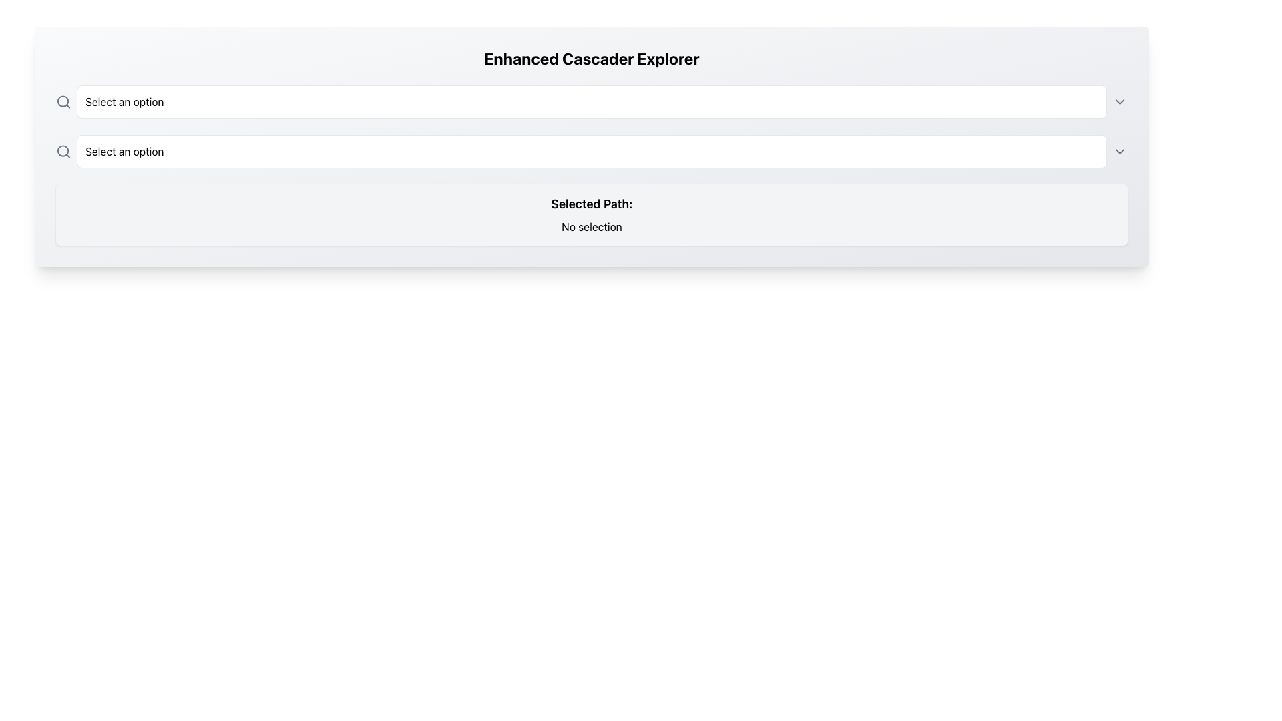  Describe the element at coordinates (1120, 151) in the screenshot. I see `the icon at the far right of the second input field labeled 'Select an option'` at that location.